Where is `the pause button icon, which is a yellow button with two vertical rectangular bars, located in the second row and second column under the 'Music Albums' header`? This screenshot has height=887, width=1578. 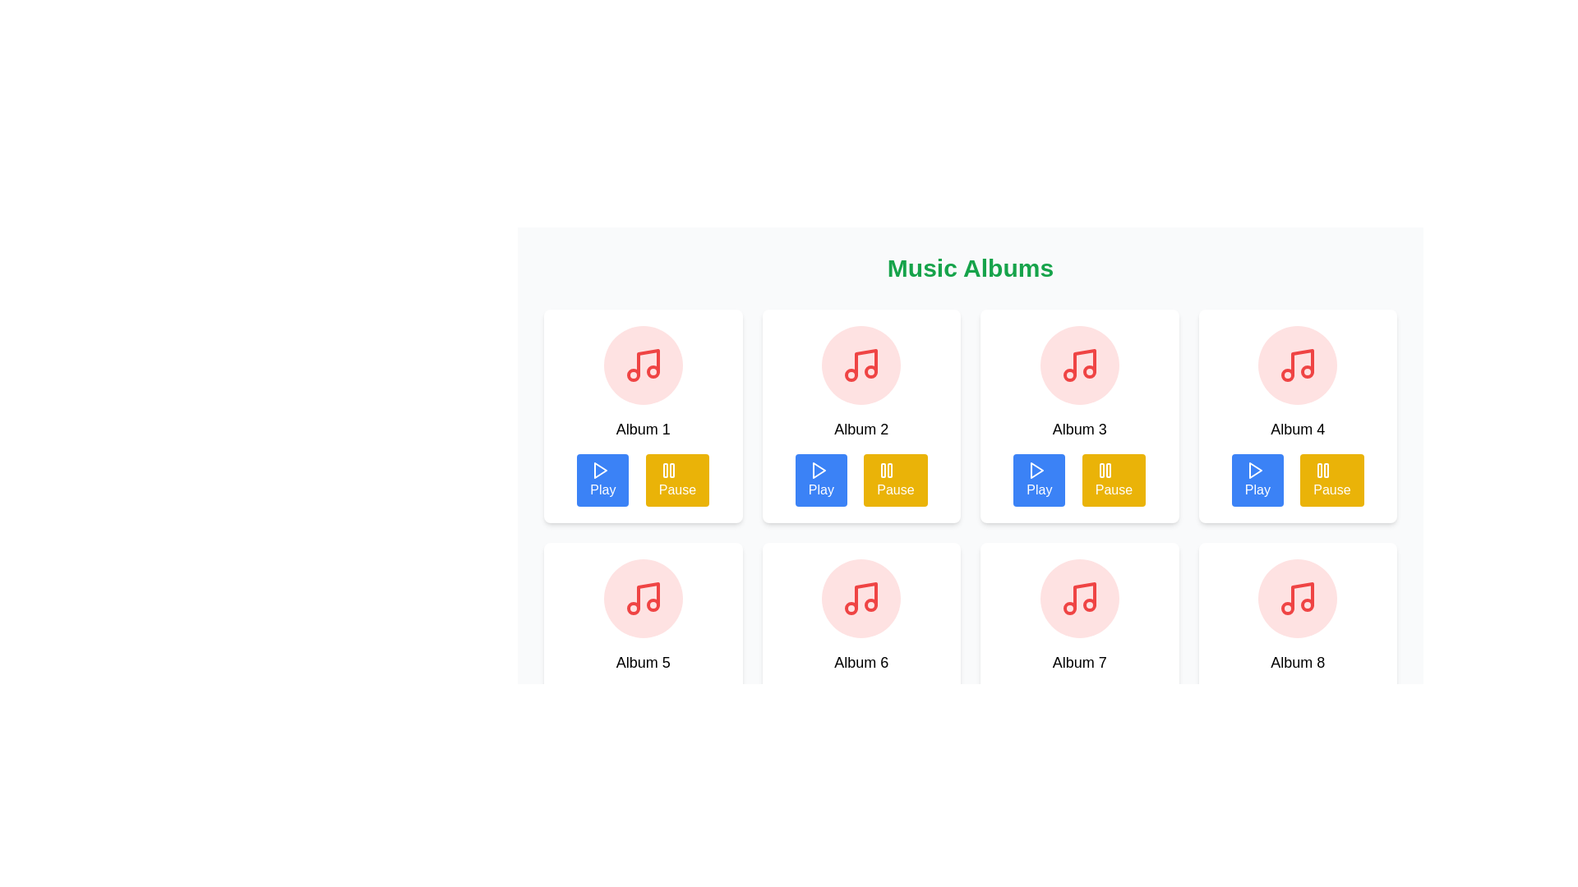
the pause button icon, which is a yellow button with two vertical rectangular bars, located in the second row and second column under the 'Music Albums' header is located at coordinates (886, 471).